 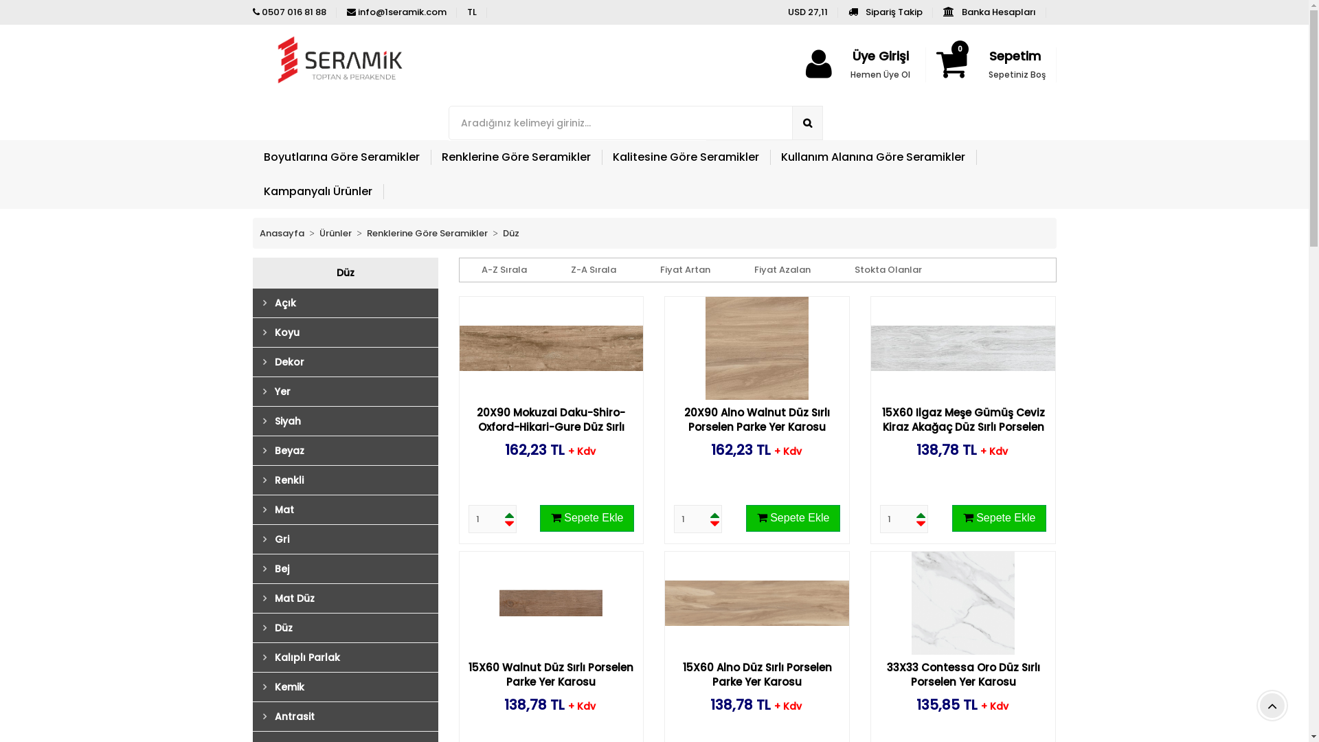 What do you see at coordinates (354, 361) in the screenshot?
I see `'Dekor'` at bounding box center [354, 361].